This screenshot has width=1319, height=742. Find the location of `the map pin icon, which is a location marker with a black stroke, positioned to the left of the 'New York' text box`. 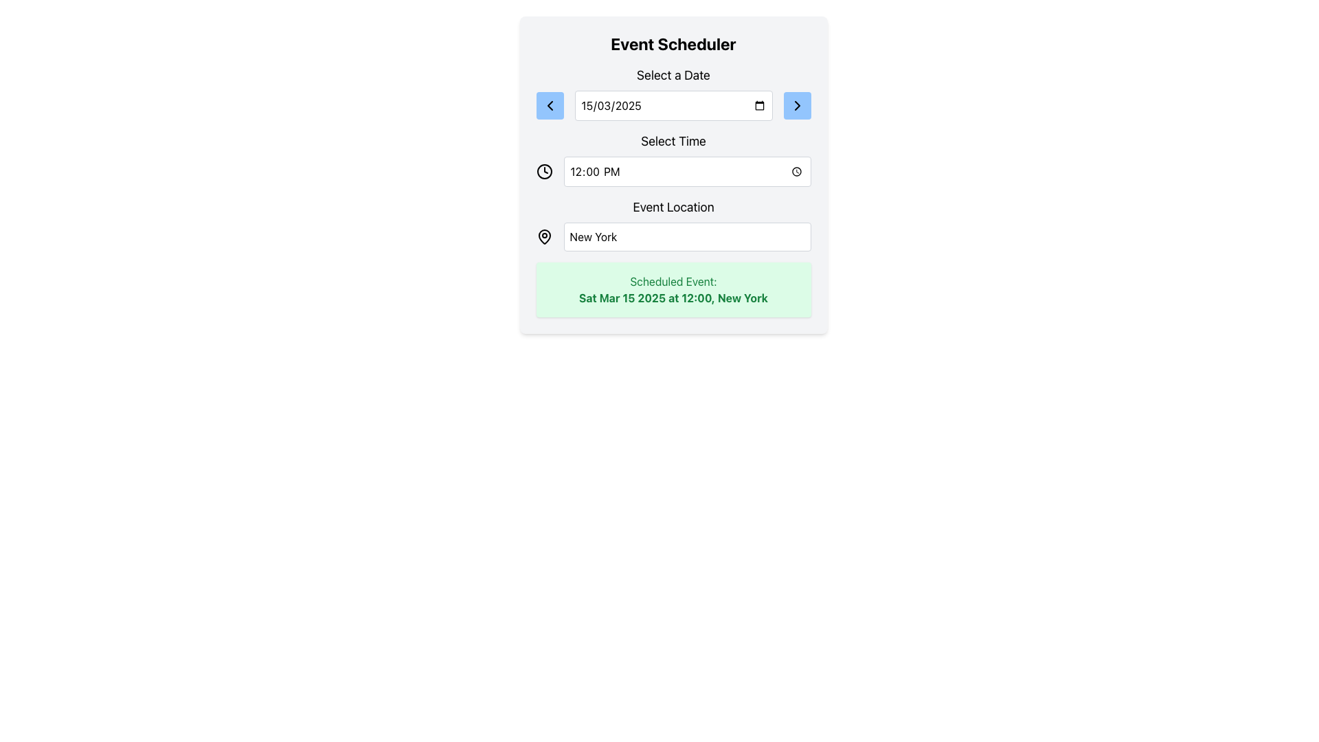

the map pin icon, which is a location marker with a black stroke, positioned to the left of the 'New York' text box is located at coordinates (543, 236).